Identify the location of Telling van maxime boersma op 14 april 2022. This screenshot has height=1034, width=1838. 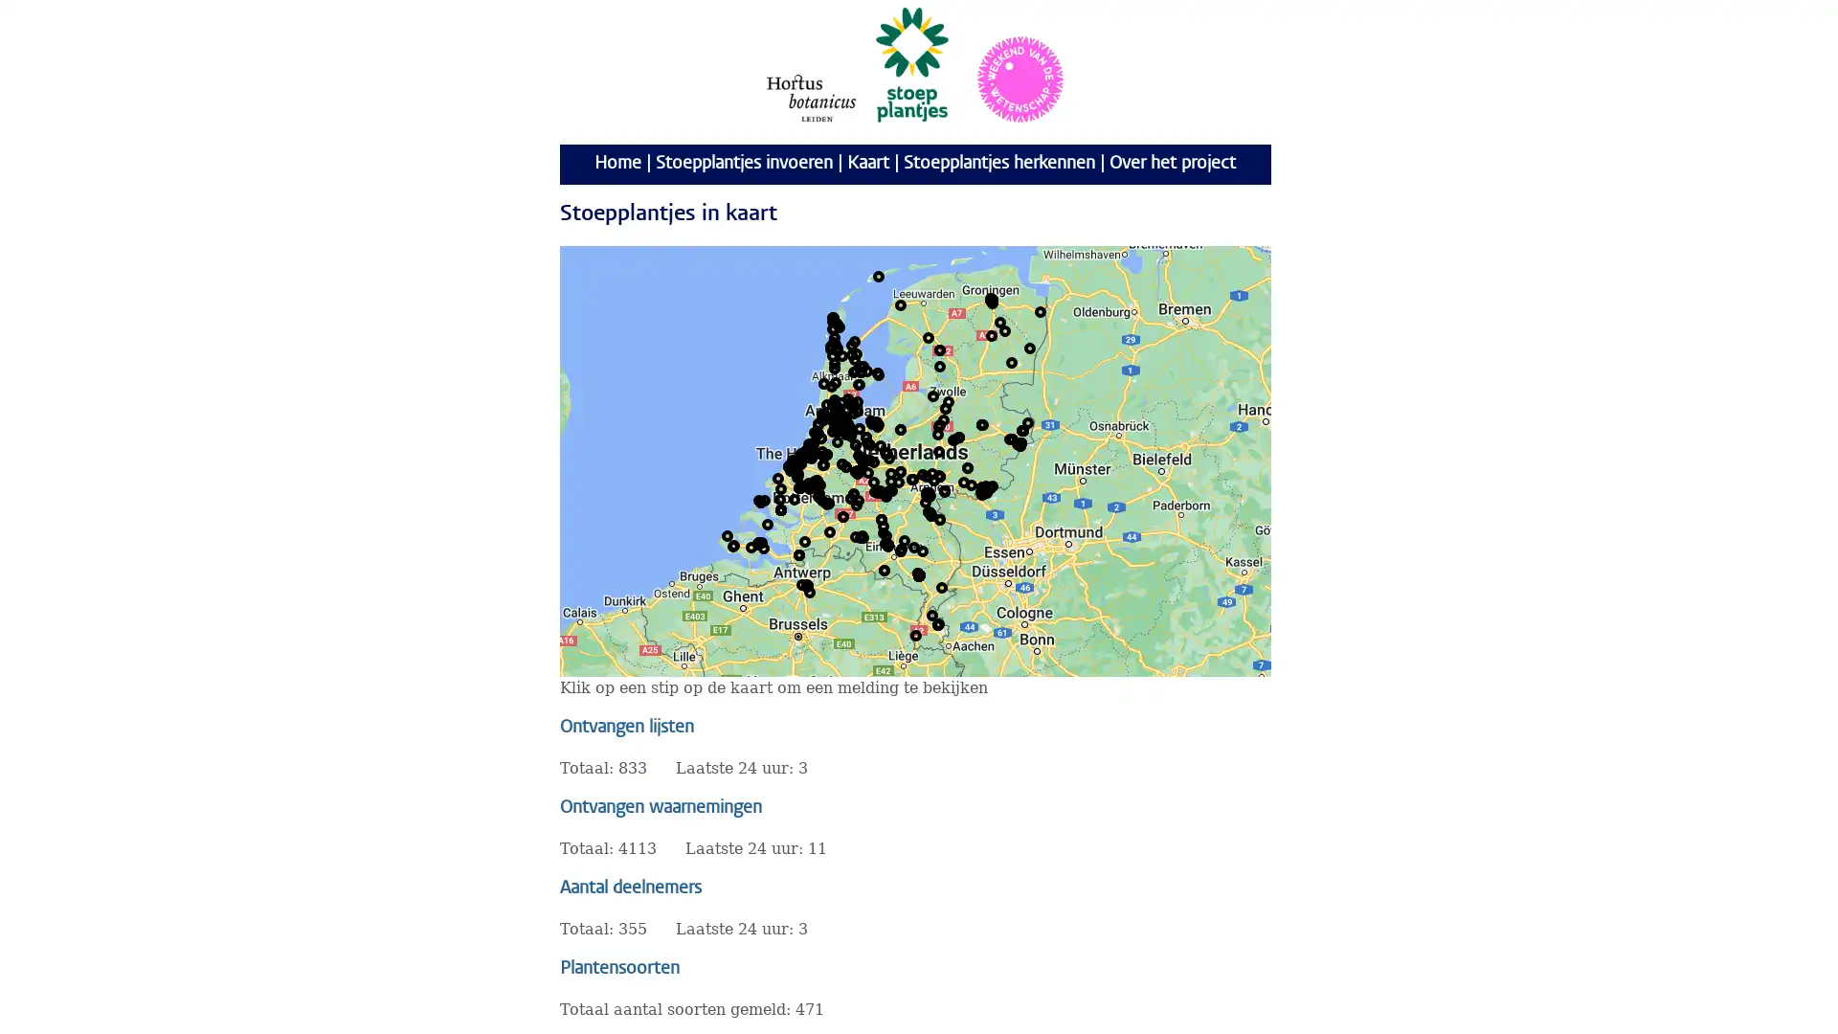
(844, 422).